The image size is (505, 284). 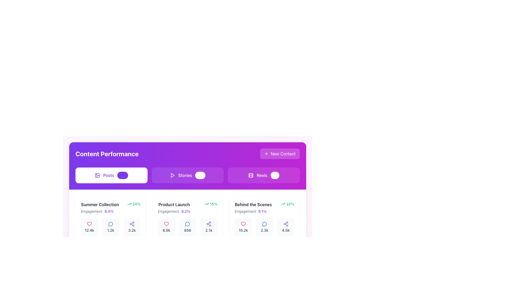 I want to click on the call-to-action button for creating new content located at the top-right corner of the purple bar labeled 'Content Performance', so click(x=280, y=154).